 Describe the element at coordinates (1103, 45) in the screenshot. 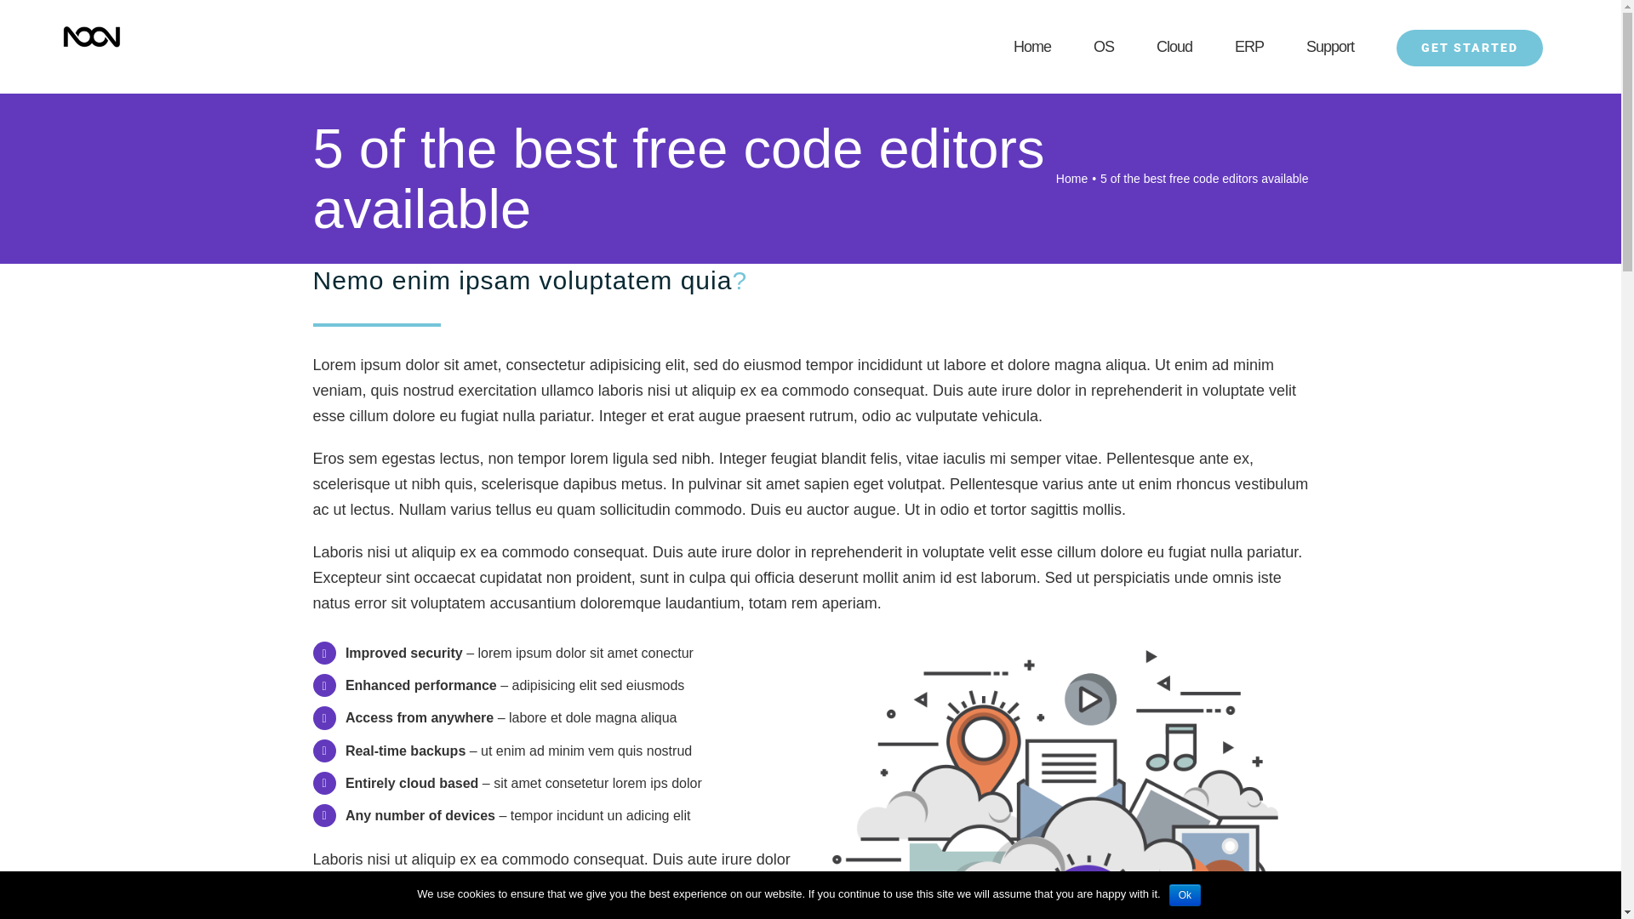

I see `'OS'` at that location.